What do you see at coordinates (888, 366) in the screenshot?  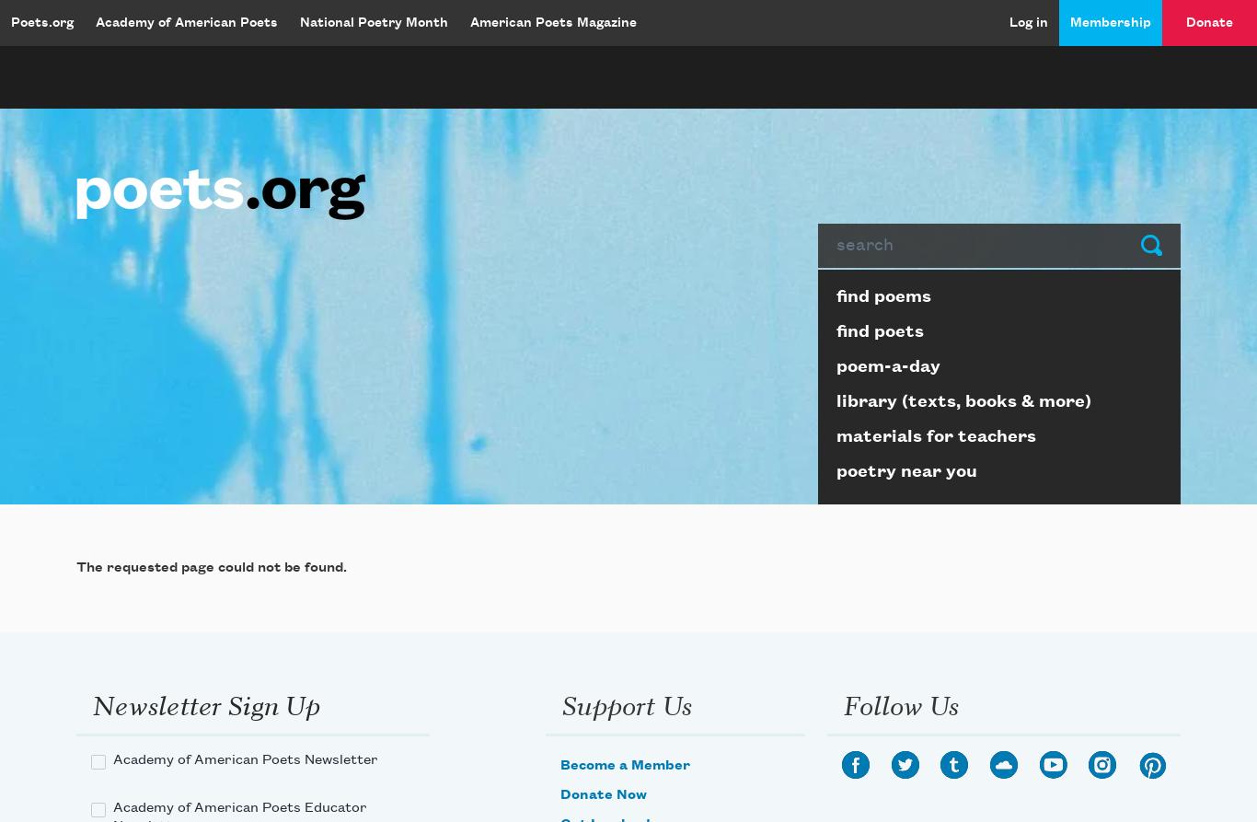 I see `'poem-a-day'` at bounding box center [888, 366].